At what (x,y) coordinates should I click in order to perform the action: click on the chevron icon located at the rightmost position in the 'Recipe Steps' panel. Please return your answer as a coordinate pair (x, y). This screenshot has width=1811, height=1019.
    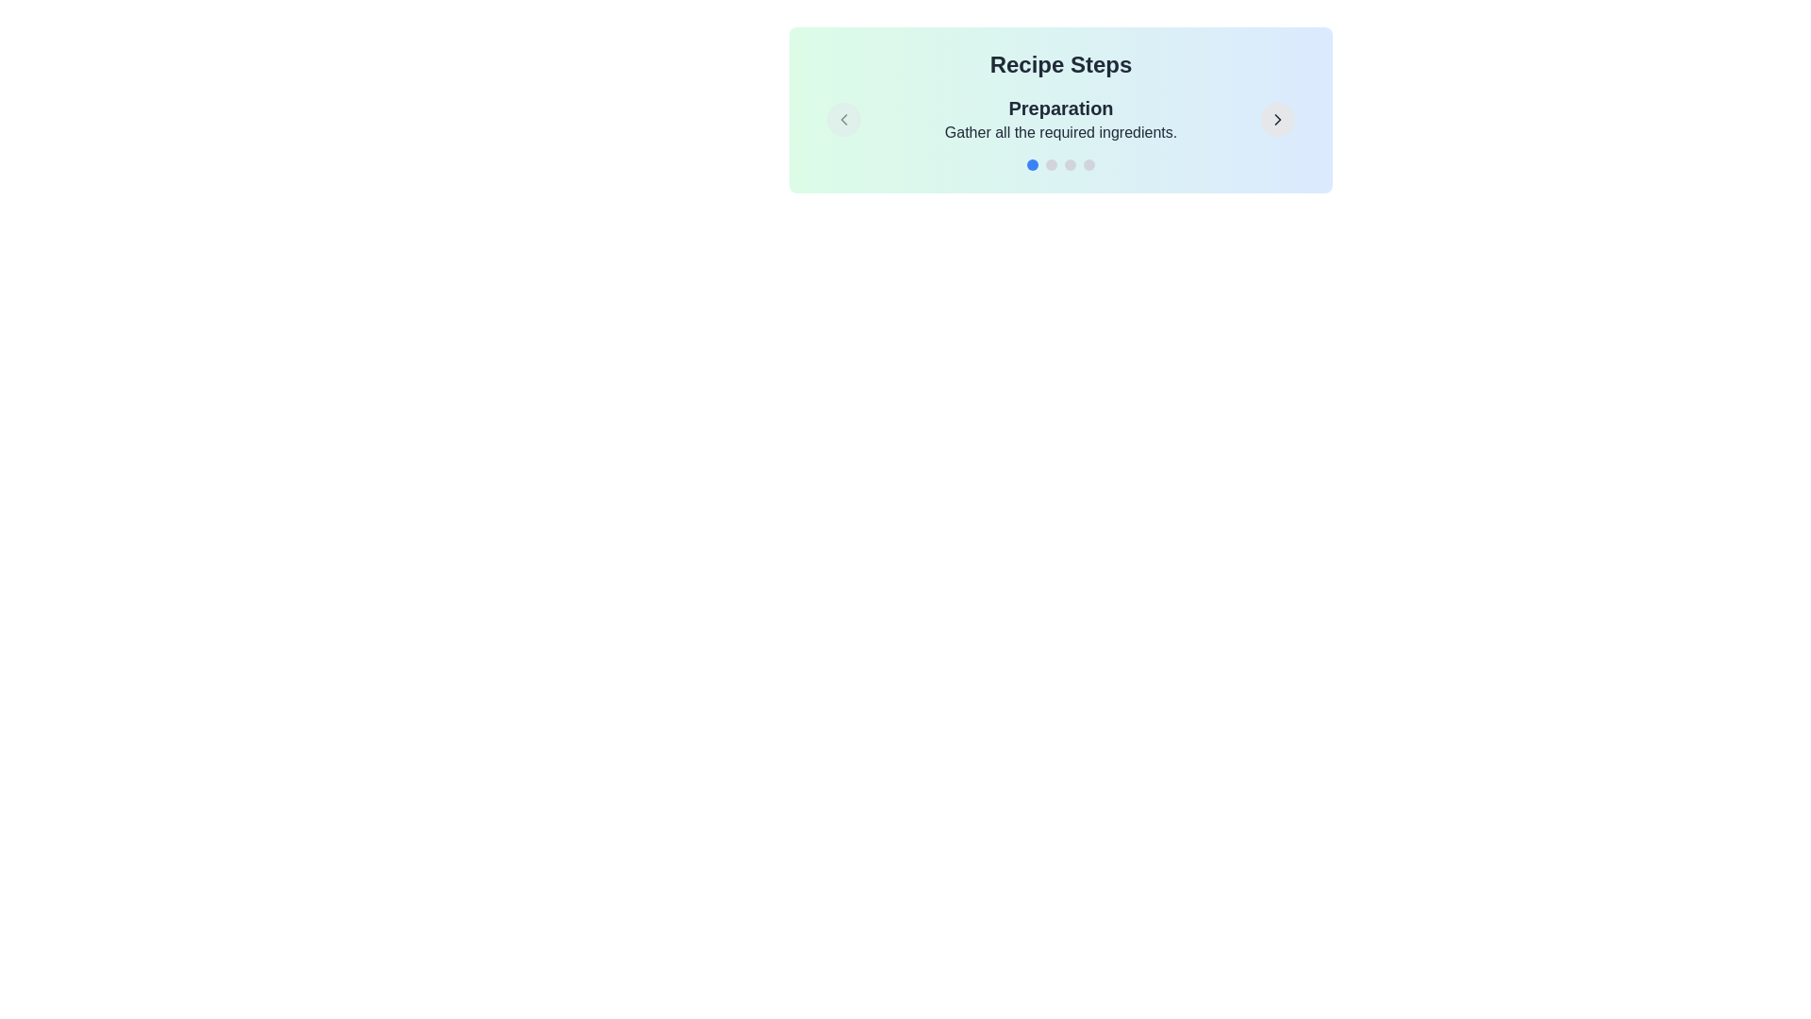
    Looking at the image, I should click on (1277, 120).